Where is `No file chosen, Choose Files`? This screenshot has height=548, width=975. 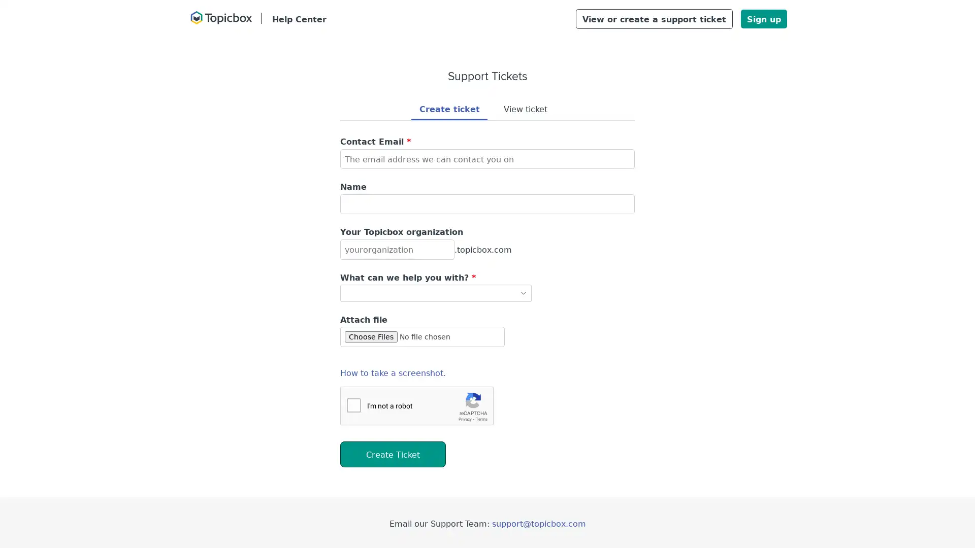
No file chosen, Choose Files is located at coordinates (422, 336).